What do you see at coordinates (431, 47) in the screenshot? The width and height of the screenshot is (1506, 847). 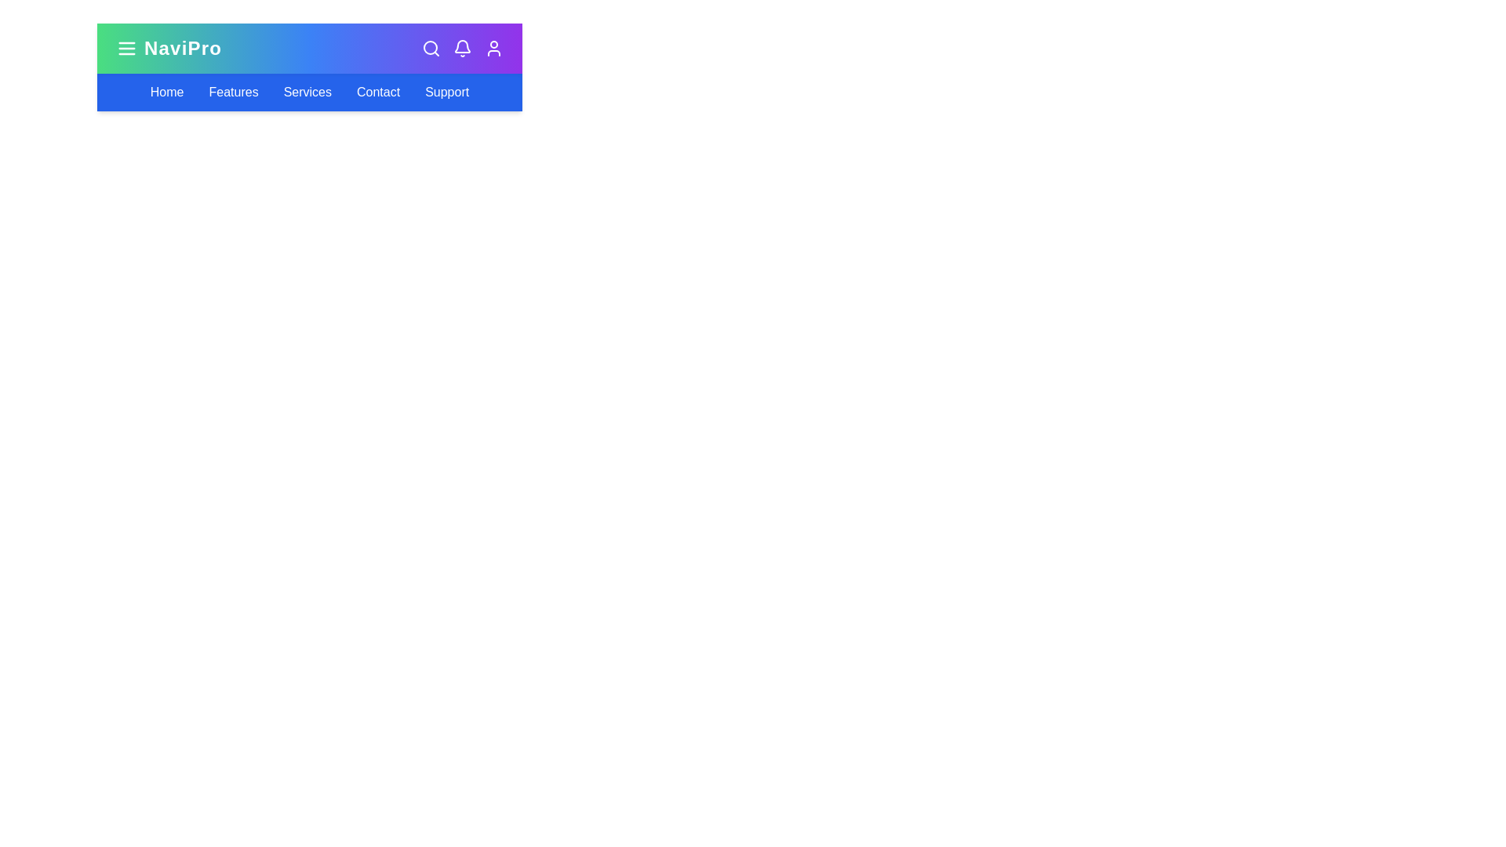 I see `the search icon in the navigation bar` at bounding box center [431, 47].